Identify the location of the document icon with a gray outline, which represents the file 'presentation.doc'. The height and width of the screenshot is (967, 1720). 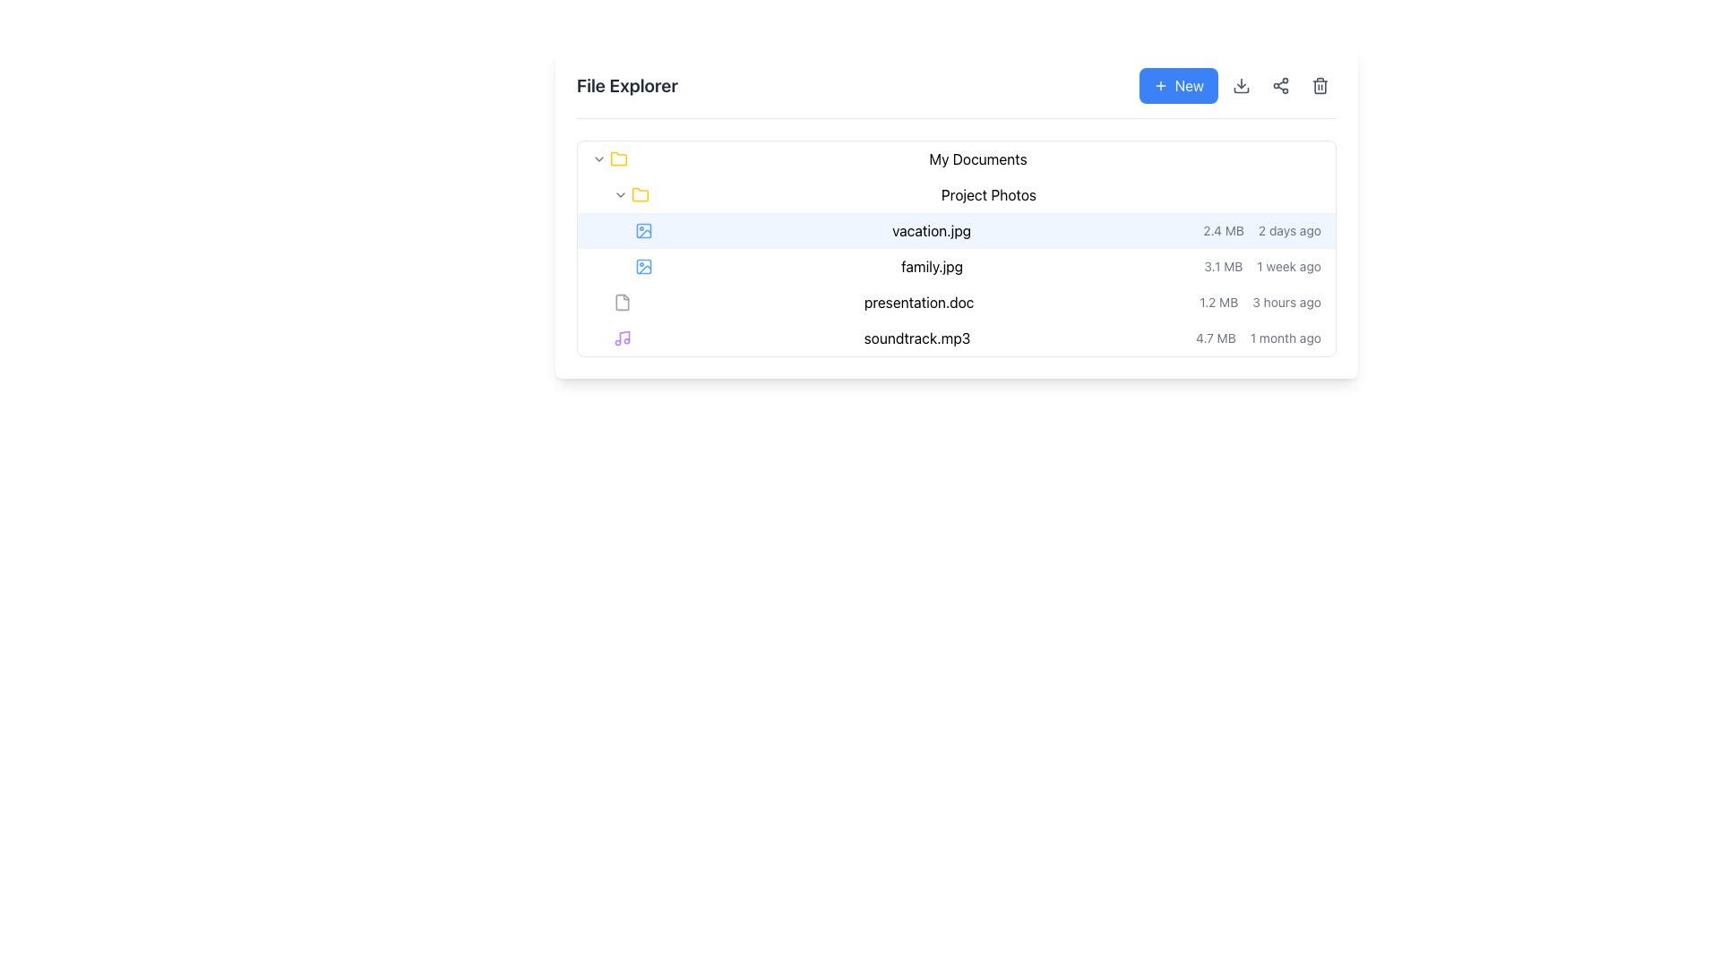
(623, 302).